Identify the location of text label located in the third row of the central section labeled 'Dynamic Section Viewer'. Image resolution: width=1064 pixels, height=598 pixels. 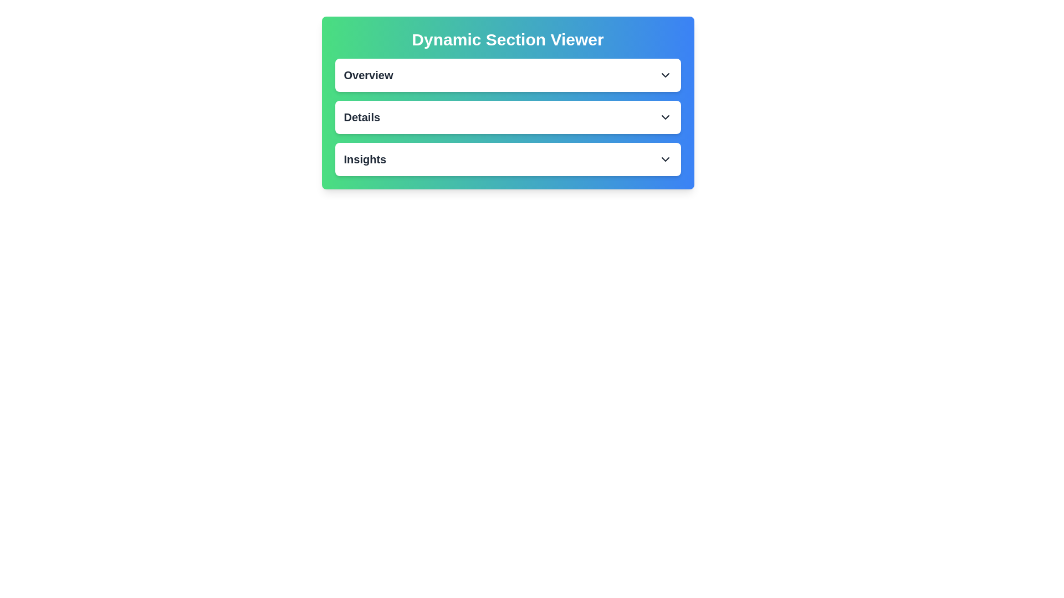
(365, 159).